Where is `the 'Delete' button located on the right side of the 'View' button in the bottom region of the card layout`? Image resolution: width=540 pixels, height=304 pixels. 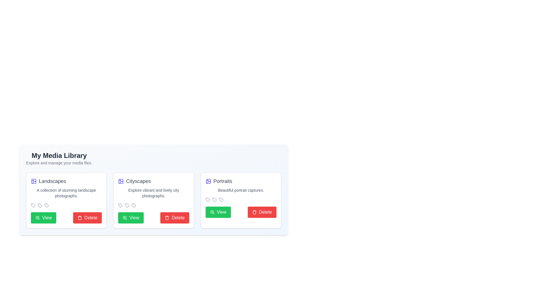 the 'Delete' button located on the right side of the 'View' button in the bottom region of the card layout is located at coordinates (262, 212).